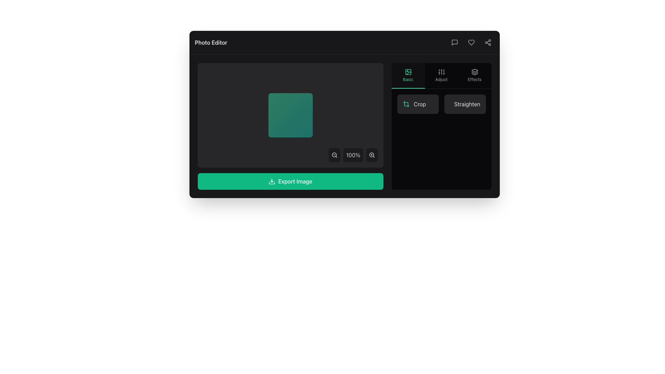  What do you see at coordinates (408, 79) in the screenshot?
I see `text label located in the bottom section of the vertical menu on the right side of the interface, which provides information corresponding to the adjacent image icon` at bounding box center [408, 79].